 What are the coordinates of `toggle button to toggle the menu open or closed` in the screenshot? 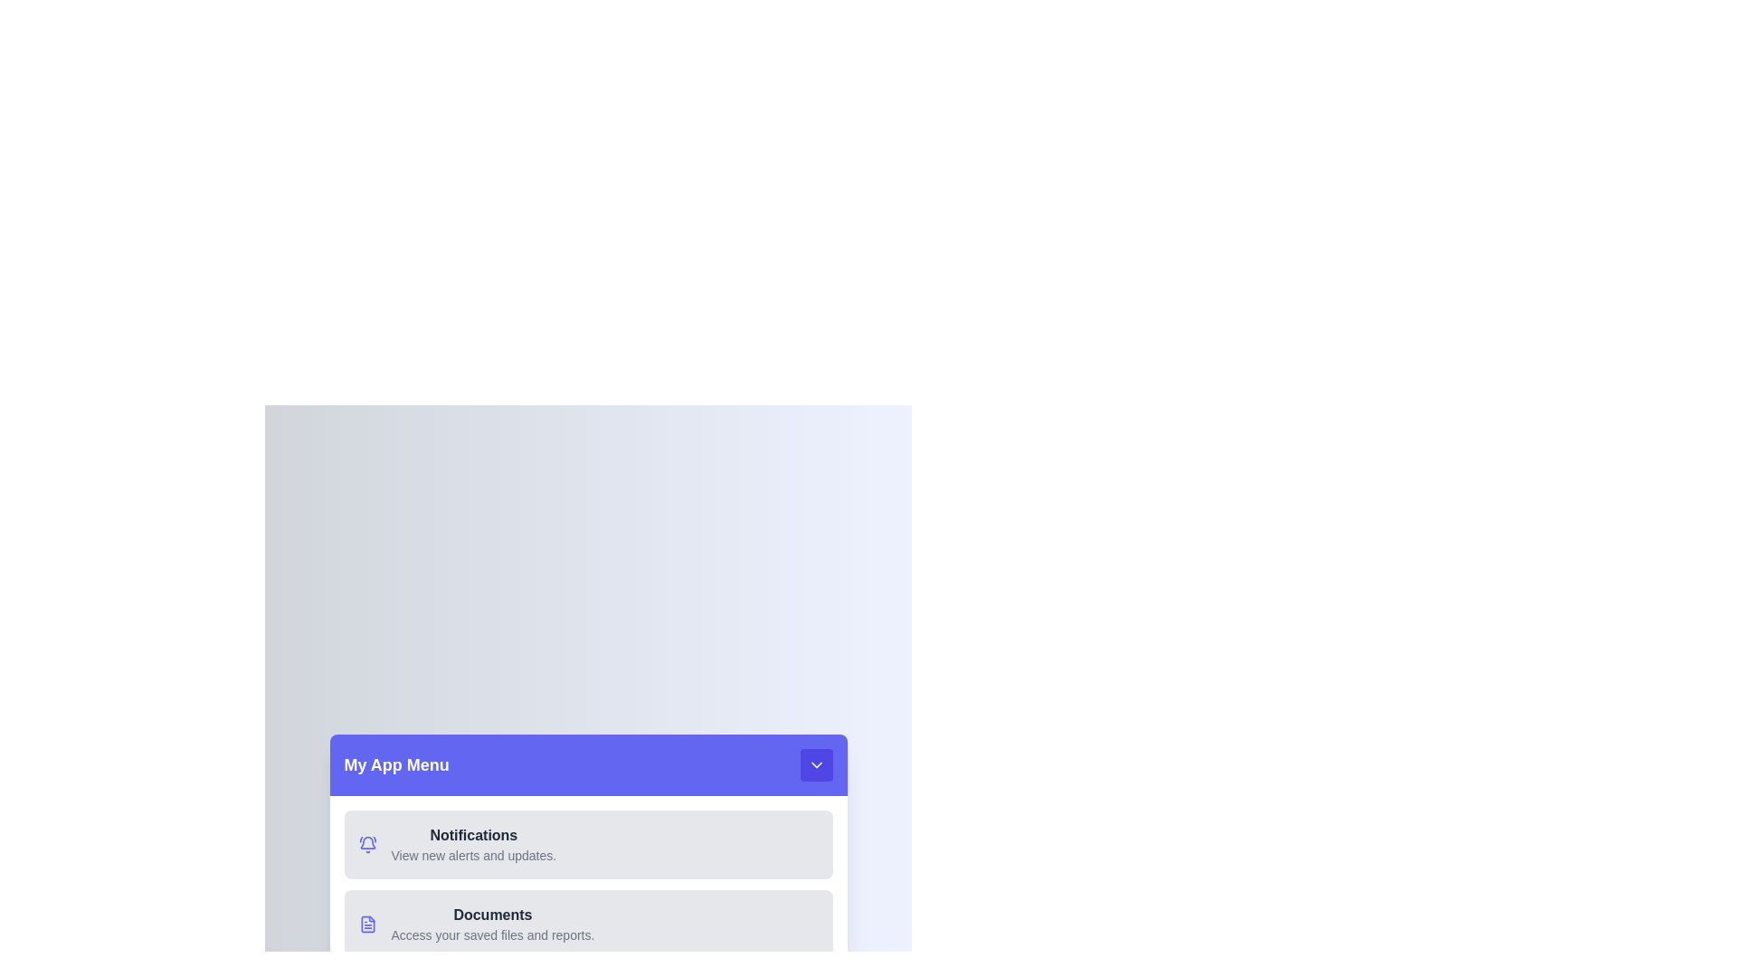 It's located at (815, 764).